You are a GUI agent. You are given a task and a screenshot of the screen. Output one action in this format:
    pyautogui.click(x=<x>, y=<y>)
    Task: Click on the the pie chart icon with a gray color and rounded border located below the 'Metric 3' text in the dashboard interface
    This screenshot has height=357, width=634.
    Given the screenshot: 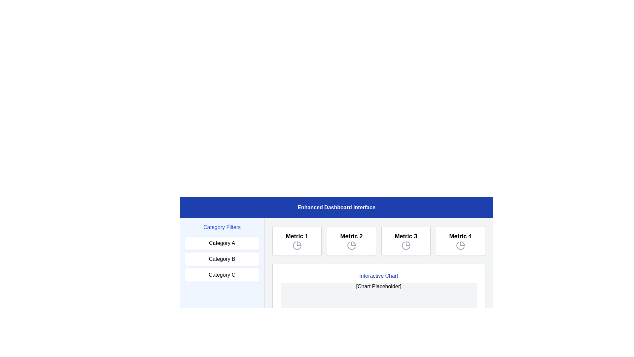 What is the action you would take?
    pyautogui.click(x=405, y=246)
    